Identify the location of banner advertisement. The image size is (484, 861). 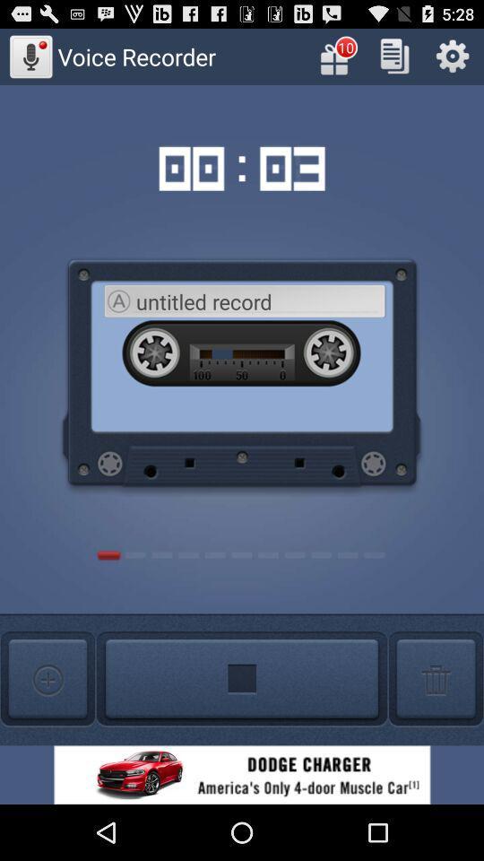
(242, 774).